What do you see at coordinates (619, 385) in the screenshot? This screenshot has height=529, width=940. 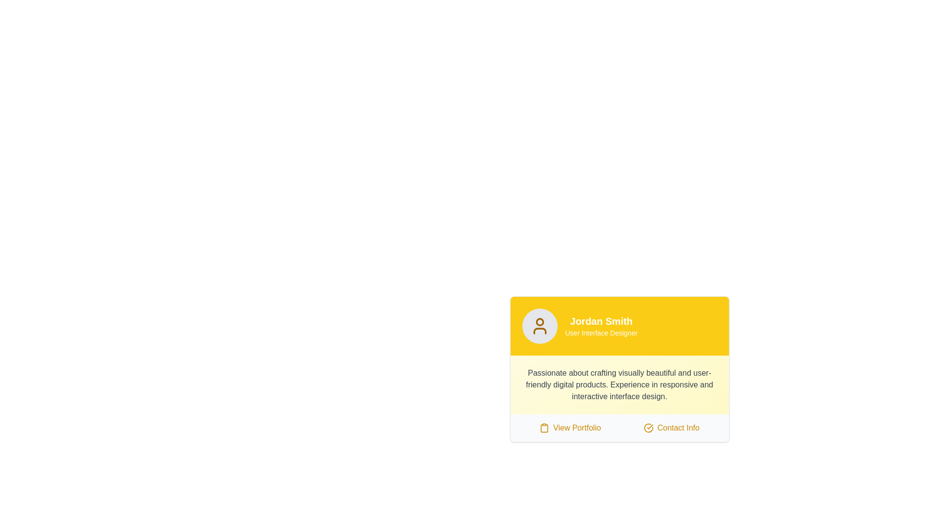 I see `the descriptive text block styled in gray font that reads: 'Passionate about crafting visually beautiful and user-friendly digital products.' This text is located within a yellow and white card, below the user's name 'Jordan Smith' and above the buttons 'View Portfolio' and 'Contact Info'` at bounding box center [619, 385].